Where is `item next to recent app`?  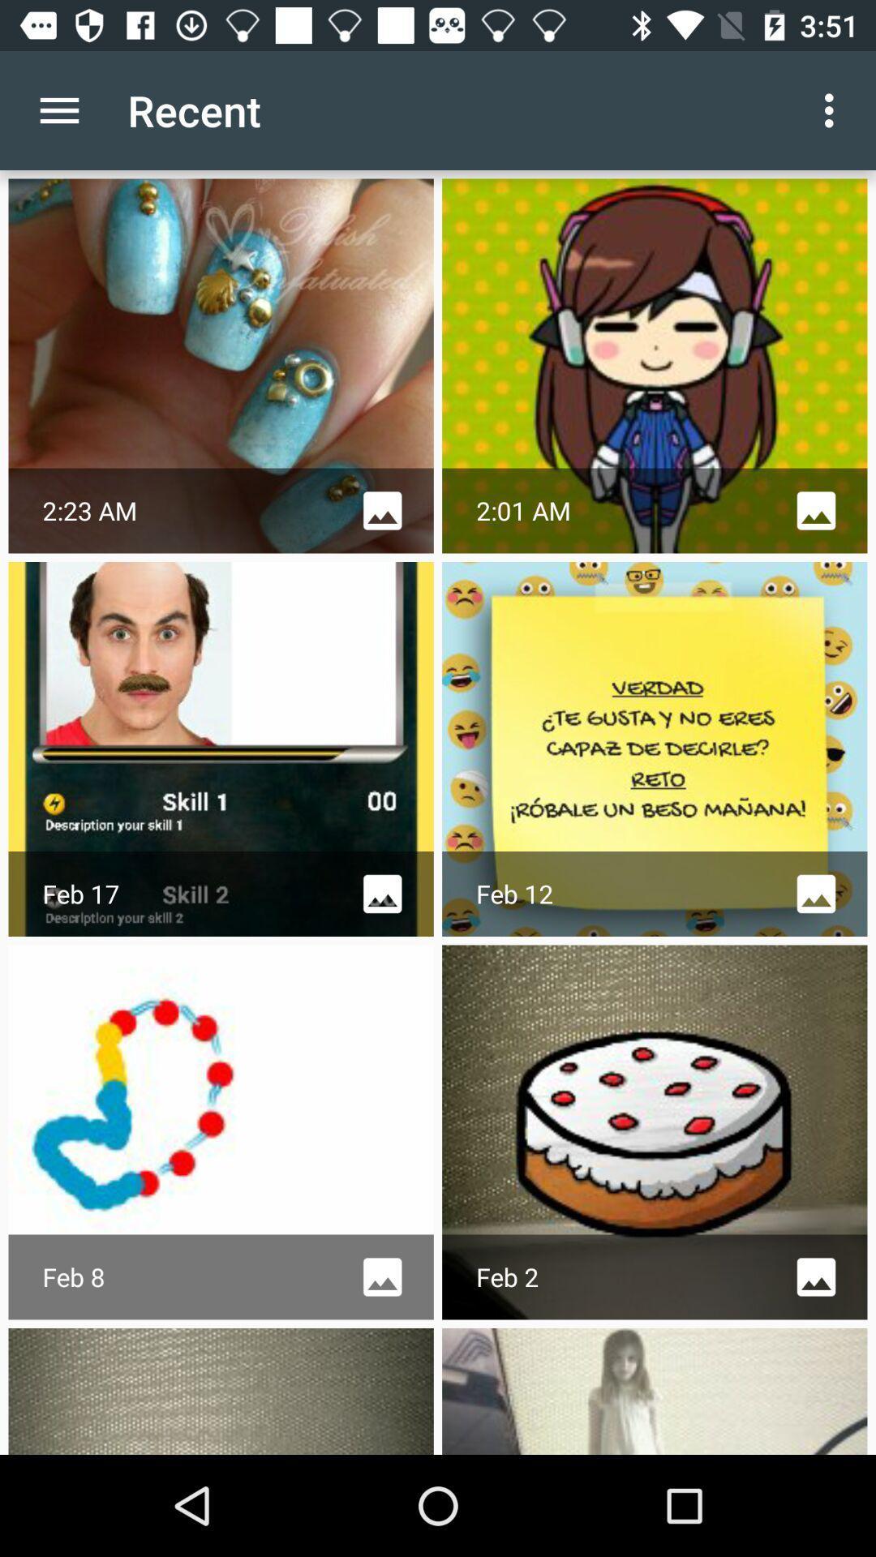 item next to recent app is located at coordinates (58, 109).